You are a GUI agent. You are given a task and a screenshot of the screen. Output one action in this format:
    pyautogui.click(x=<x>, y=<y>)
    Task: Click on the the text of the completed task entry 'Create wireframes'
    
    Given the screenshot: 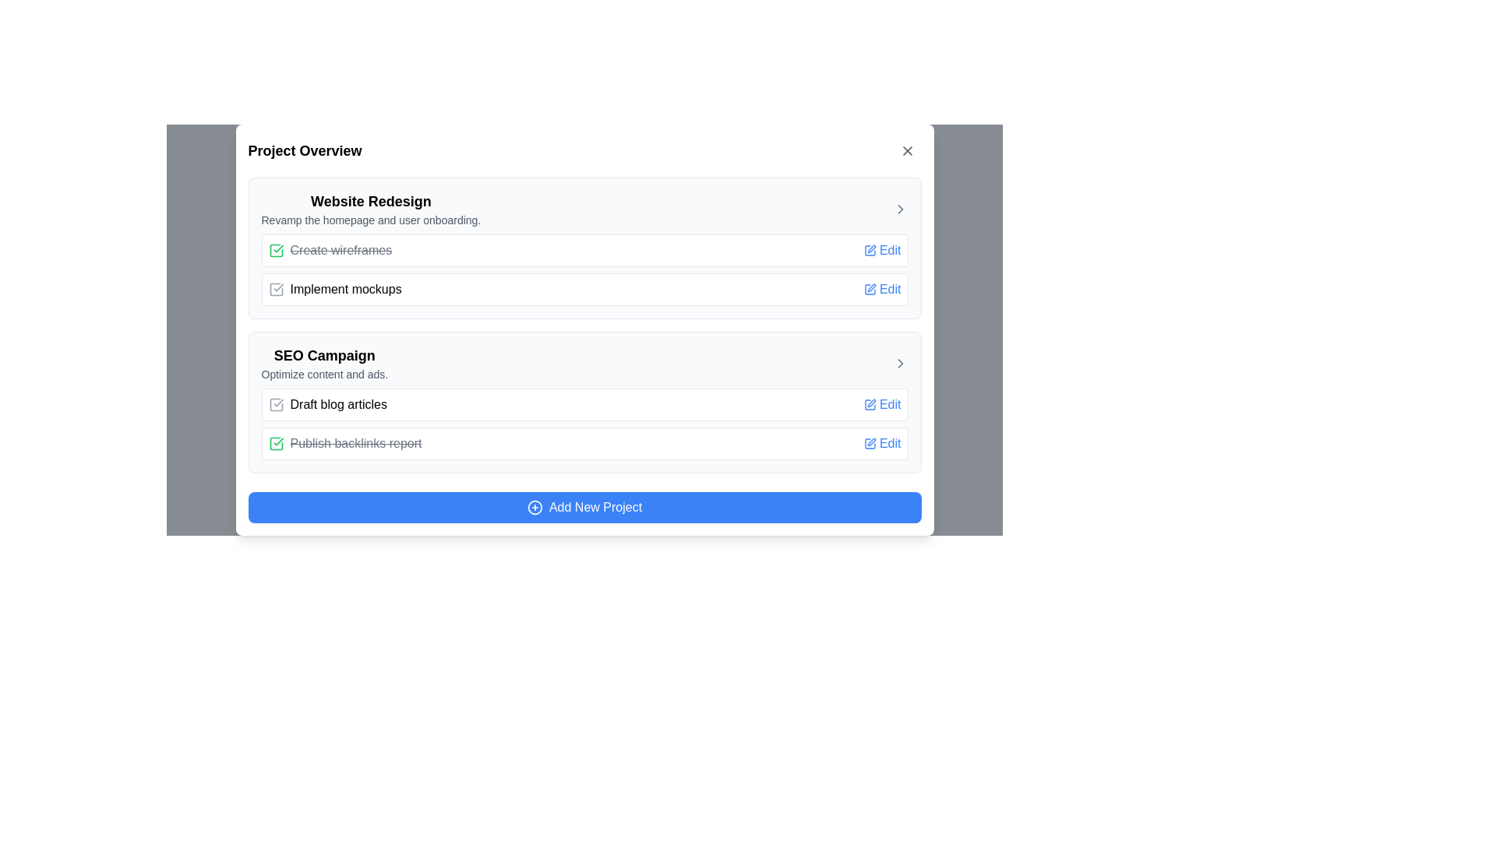 What is the action you would take?
    pyautogui.click(x=329, y=249)
    